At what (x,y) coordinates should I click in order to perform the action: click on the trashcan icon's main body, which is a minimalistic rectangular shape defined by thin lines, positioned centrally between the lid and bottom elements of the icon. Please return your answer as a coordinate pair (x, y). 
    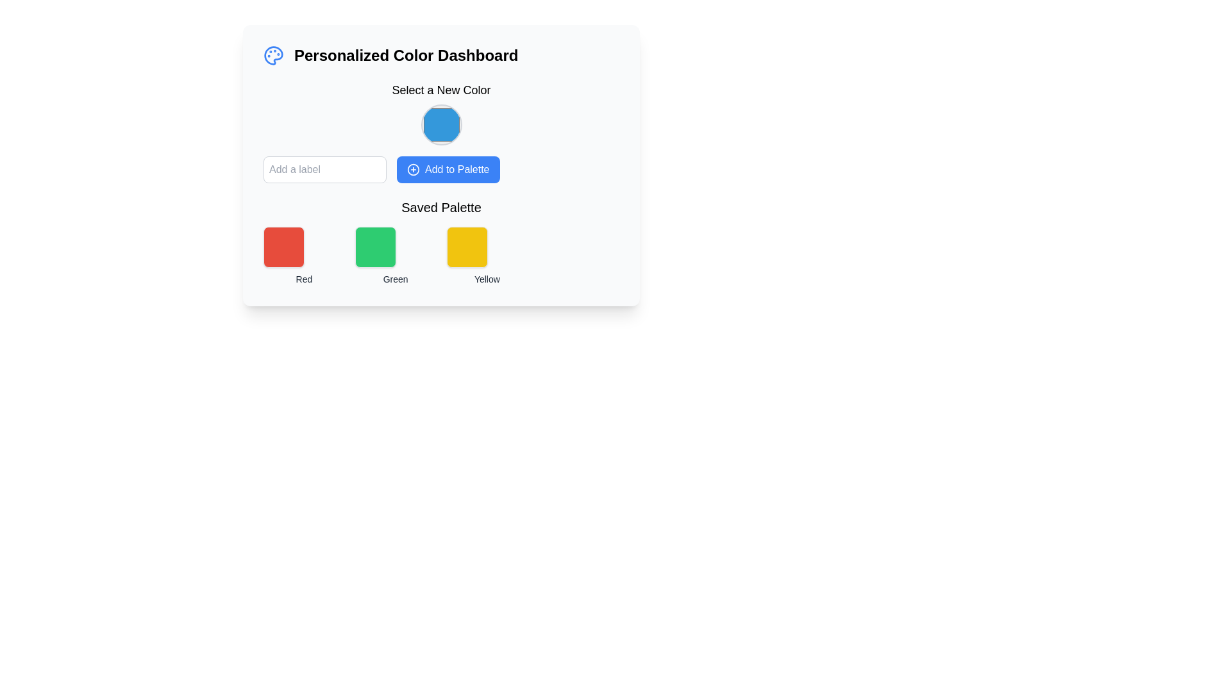
    Looking at the image, I should click on (335, 236).